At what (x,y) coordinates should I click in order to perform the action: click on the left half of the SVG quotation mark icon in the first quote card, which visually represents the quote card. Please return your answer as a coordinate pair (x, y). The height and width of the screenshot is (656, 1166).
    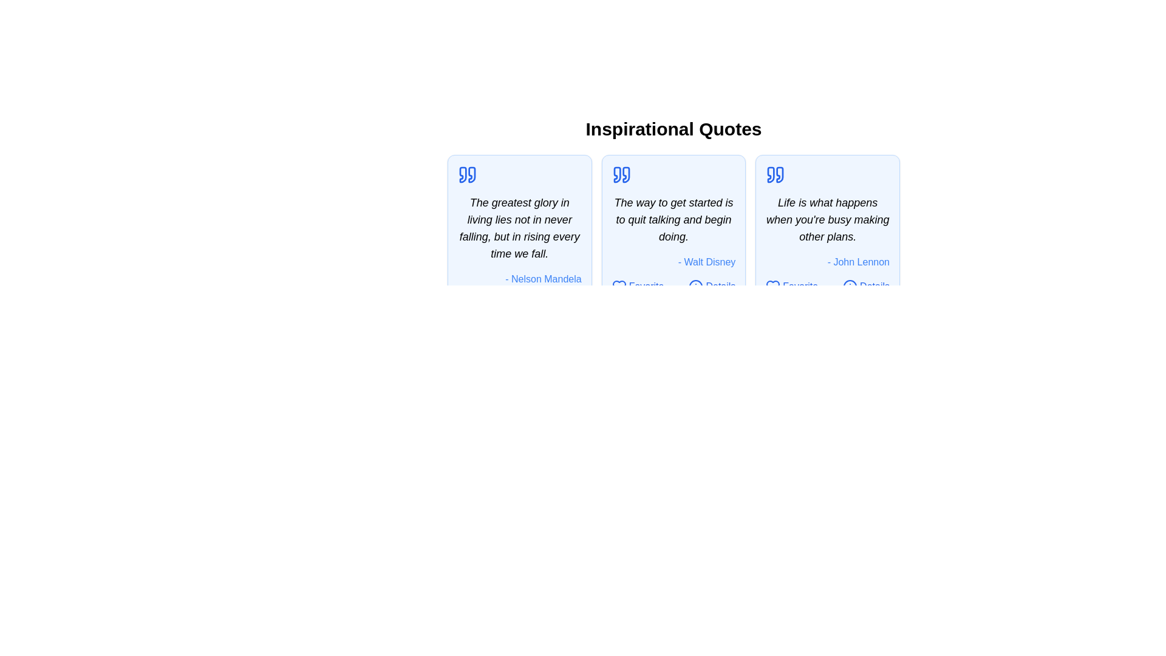
    Looking at the image, I should click on (462, 175).